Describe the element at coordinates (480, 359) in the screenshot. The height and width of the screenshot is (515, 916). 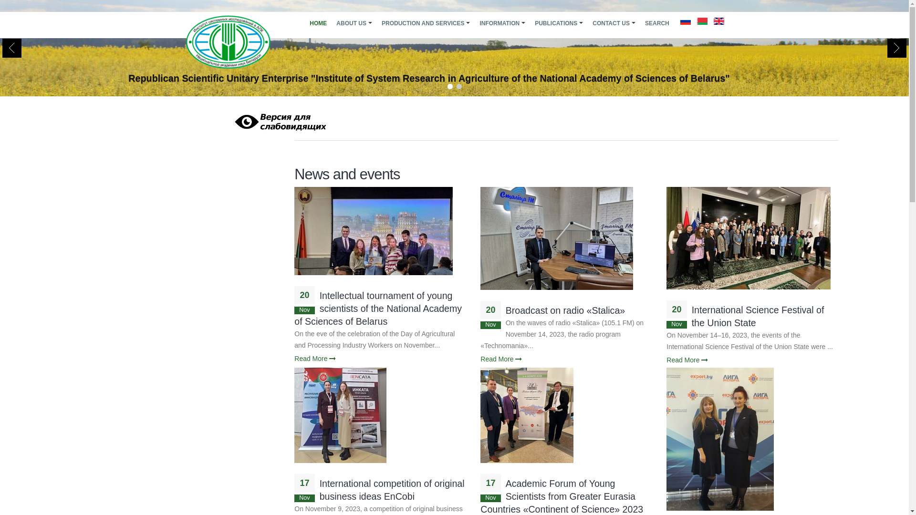
I see `'Read More'` at that location.